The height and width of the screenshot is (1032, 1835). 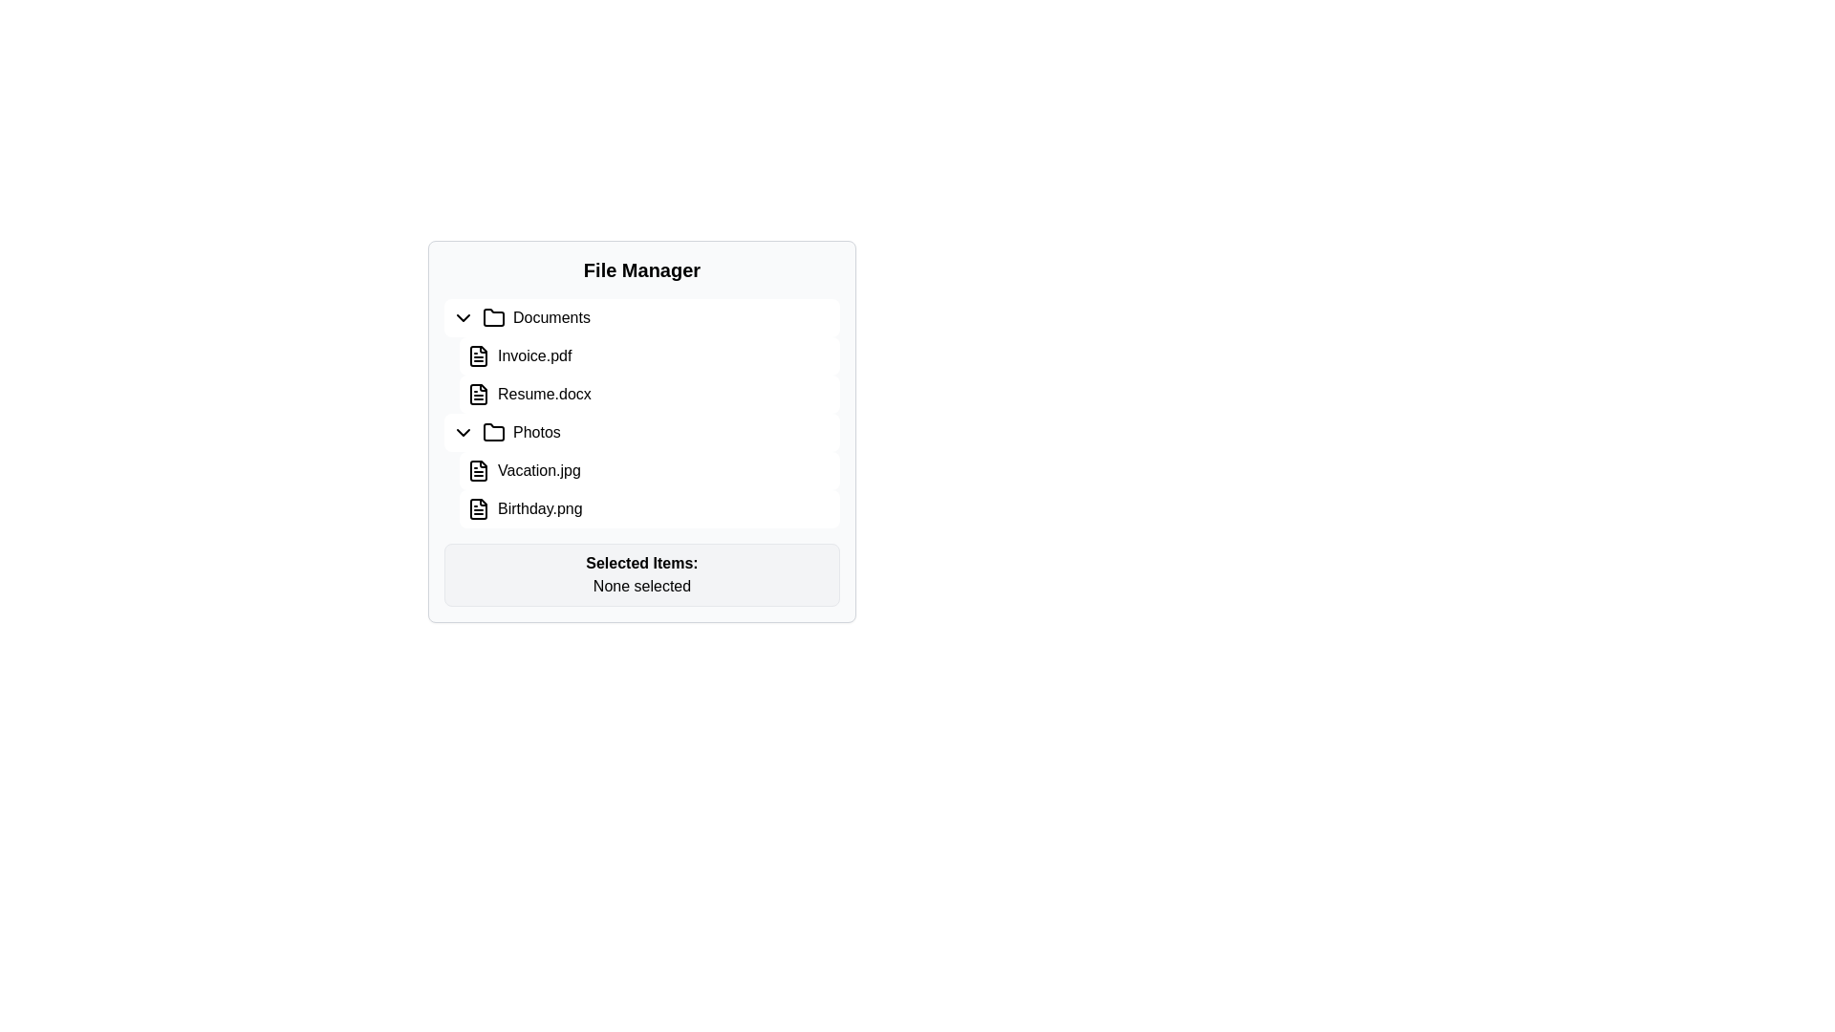 I want to click on the file icon representing 'Invoice.pdf' located in the 'Documents' folder, so click(x=478, y=356).